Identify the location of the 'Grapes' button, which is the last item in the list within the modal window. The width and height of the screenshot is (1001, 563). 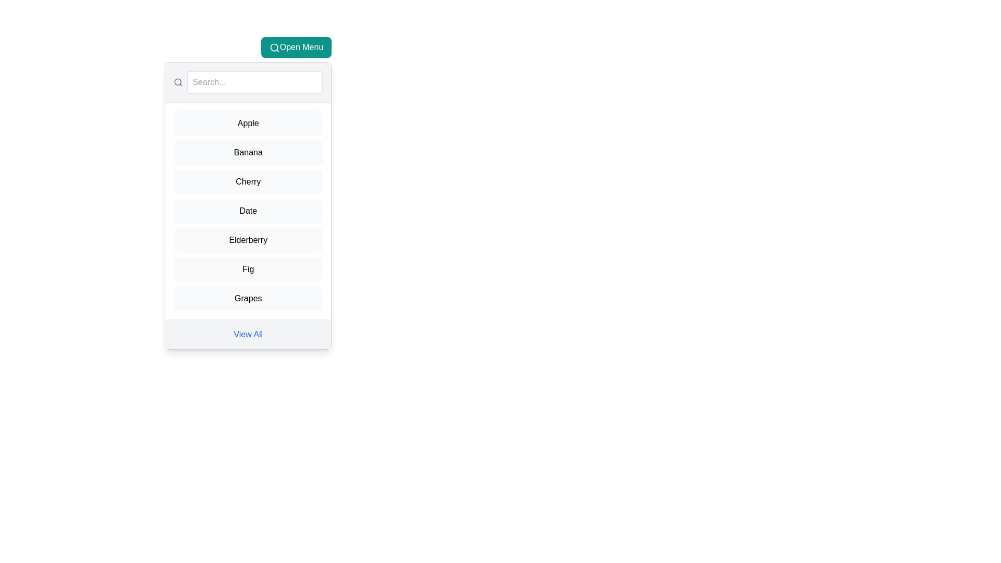
(248, 299).